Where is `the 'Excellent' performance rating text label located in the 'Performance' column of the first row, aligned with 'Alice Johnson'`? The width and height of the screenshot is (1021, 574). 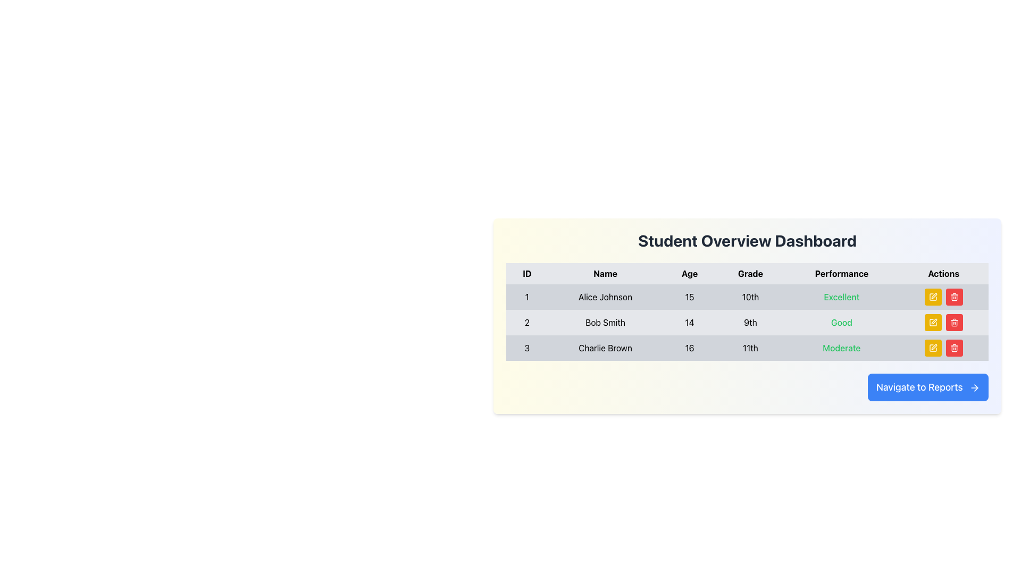
the 'Excellent' performance rating text label located in the 'Performance' column of the first row, aligned with 'Alice Johnson' is located at coordinates (841, 297).